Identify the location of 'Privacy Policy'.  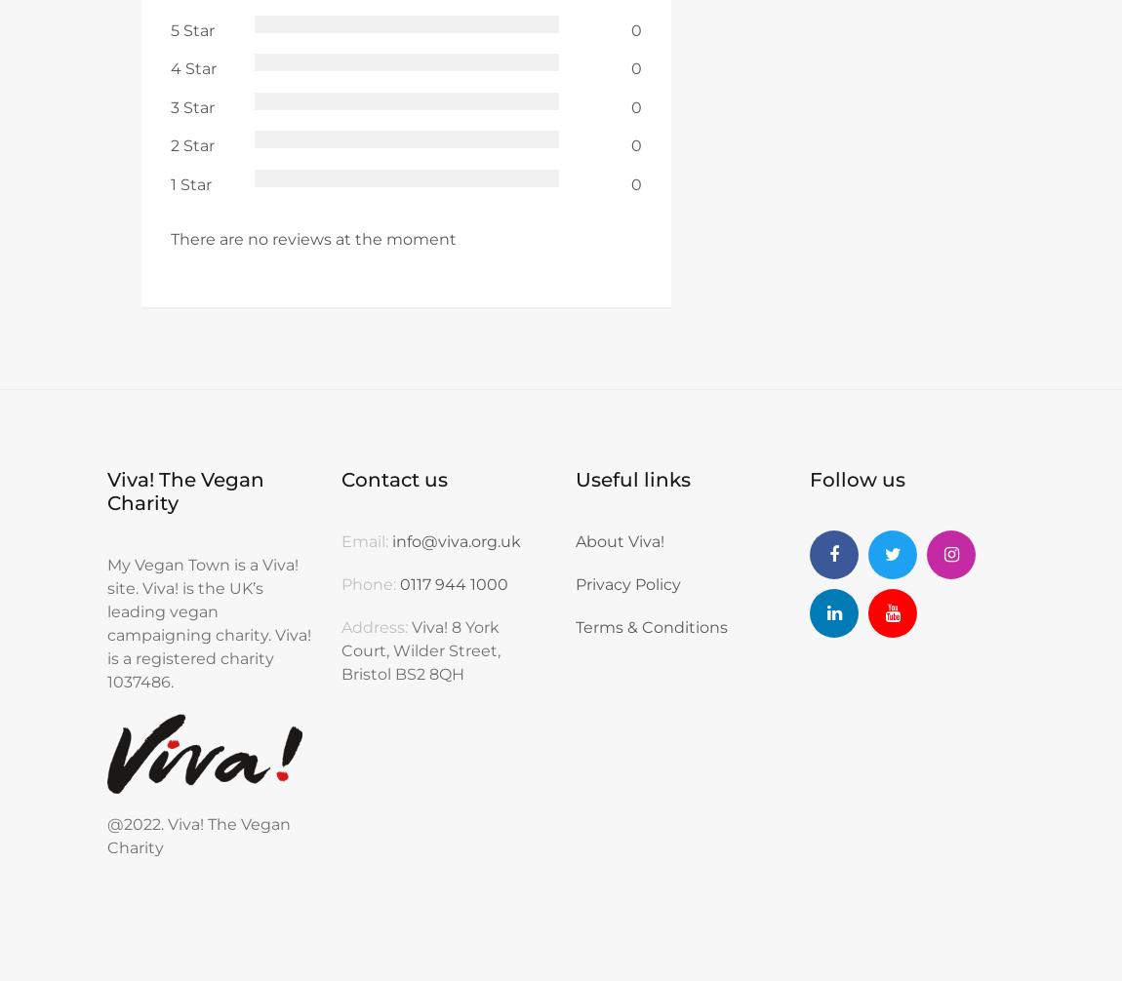
(574, 584).